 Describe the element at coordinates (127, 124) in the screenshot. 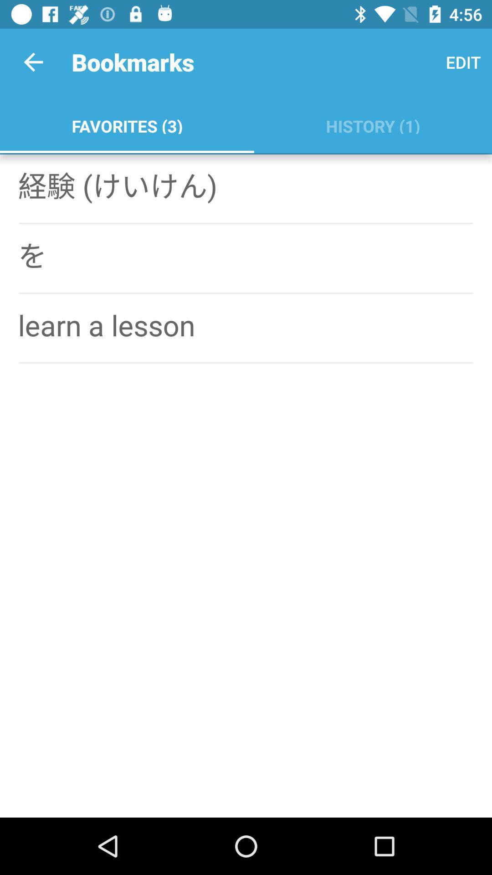

I see `the icon next to the history (1)` at that location.